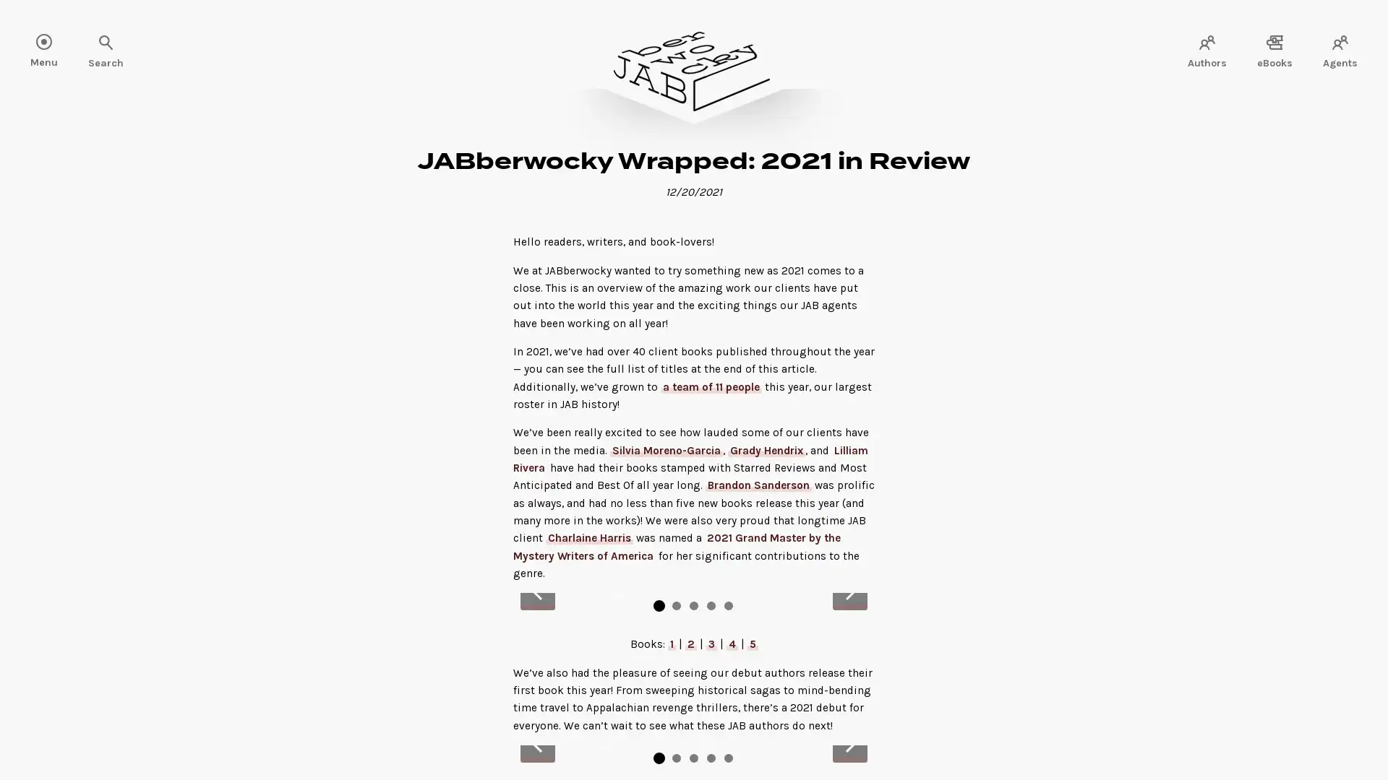  What do you see at coordinates (850, 745) in the screenshot?
I see `Next slide` at bounding box center [850, 745].